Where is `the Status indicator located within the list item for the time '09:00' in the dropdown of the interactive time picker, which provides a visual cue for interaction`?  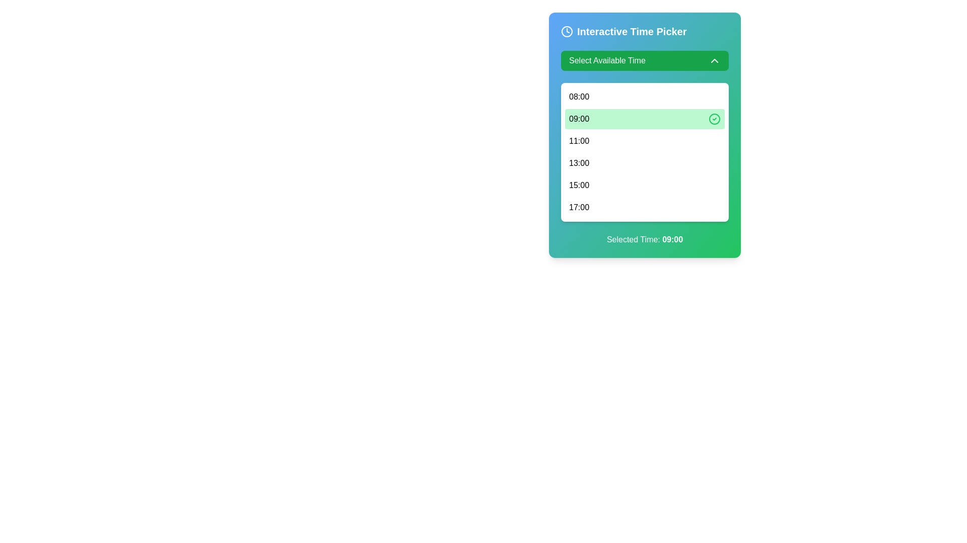 the Status indicator located within the list item for the time '09:00' in the dropdown of the interactive time picker, which provides a visual cue for interaction is located at coordinates (714, 118).